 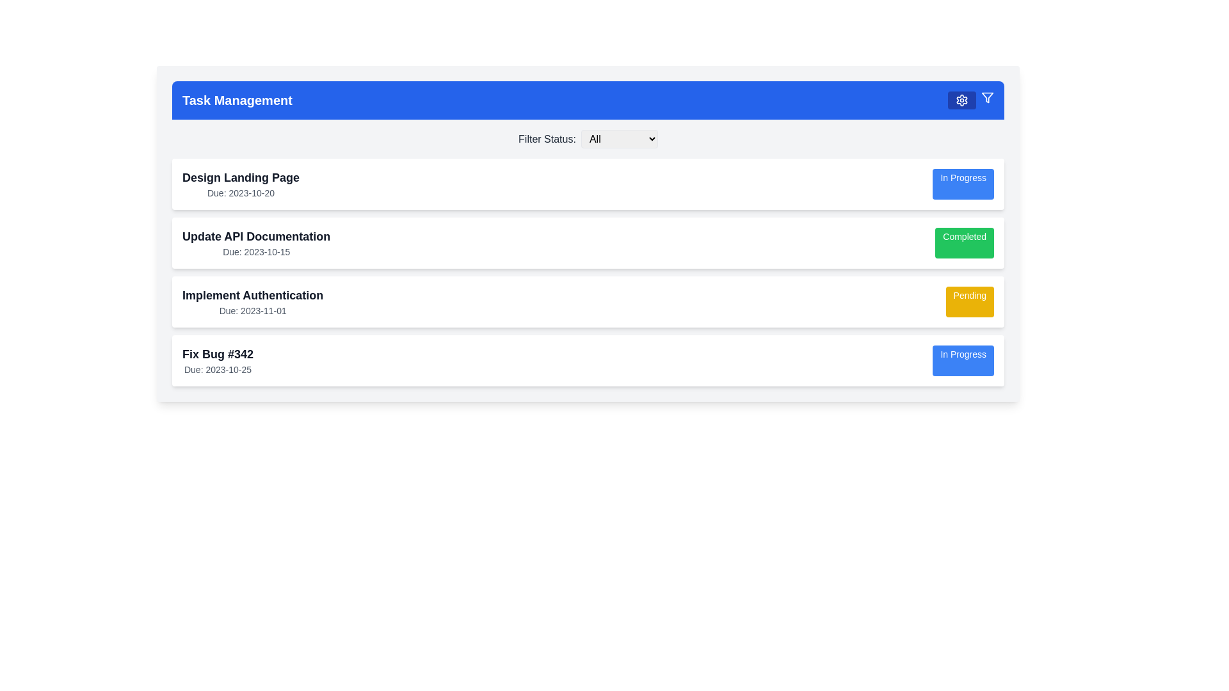 I want to click on the third task card in the task management system, which displays the task title, due date, and current status ('Pending'). This card is located between 'Update API Documentation' and 'Fix Bug #342', so click(x=587, y=301).